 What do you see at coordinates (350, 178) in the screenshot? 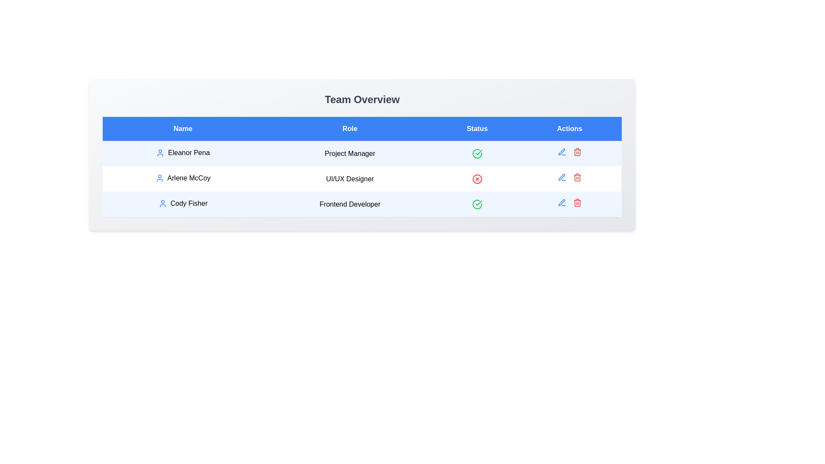
I see `the text label displaying the job title or role of 'Arlene McCoy' located in the second row under the 'Role' column` at bounding box center [350, 178].